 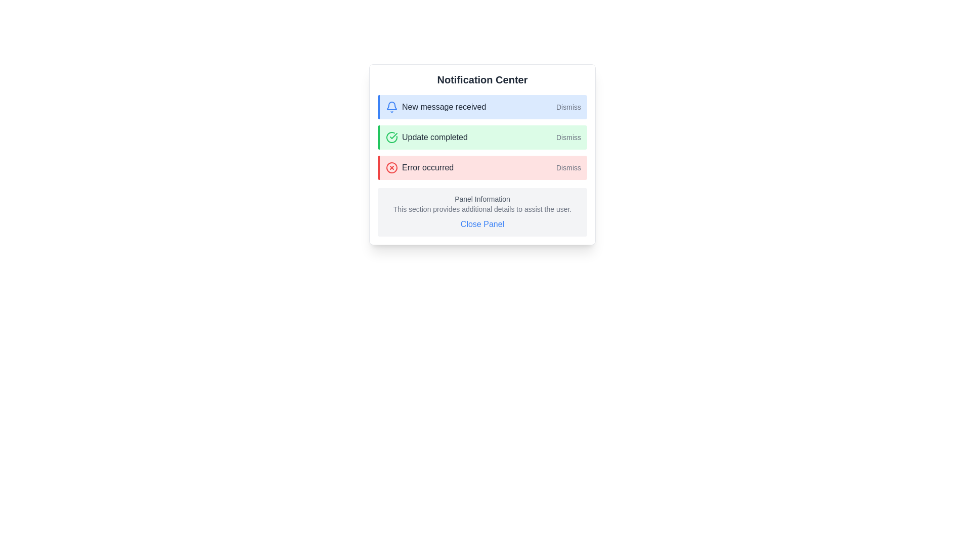 I want to click on the close button in the blue notification bar, so click(x=568, y=107).